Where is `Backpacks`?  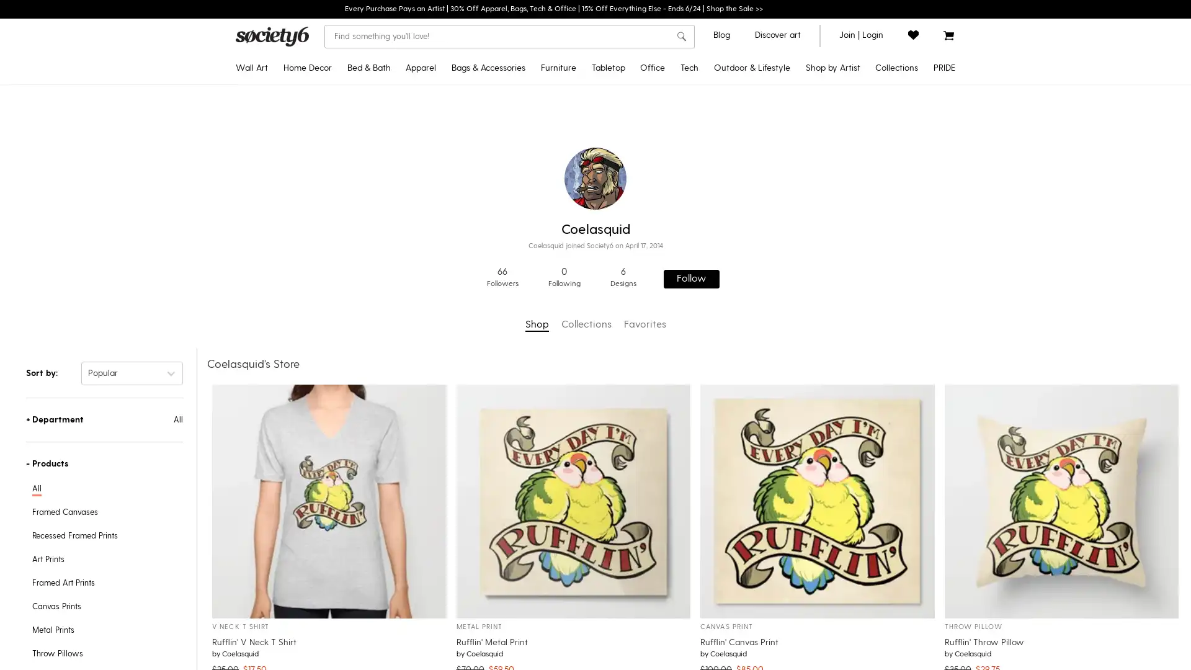 Backpacks is located at coordinates (497, 139).